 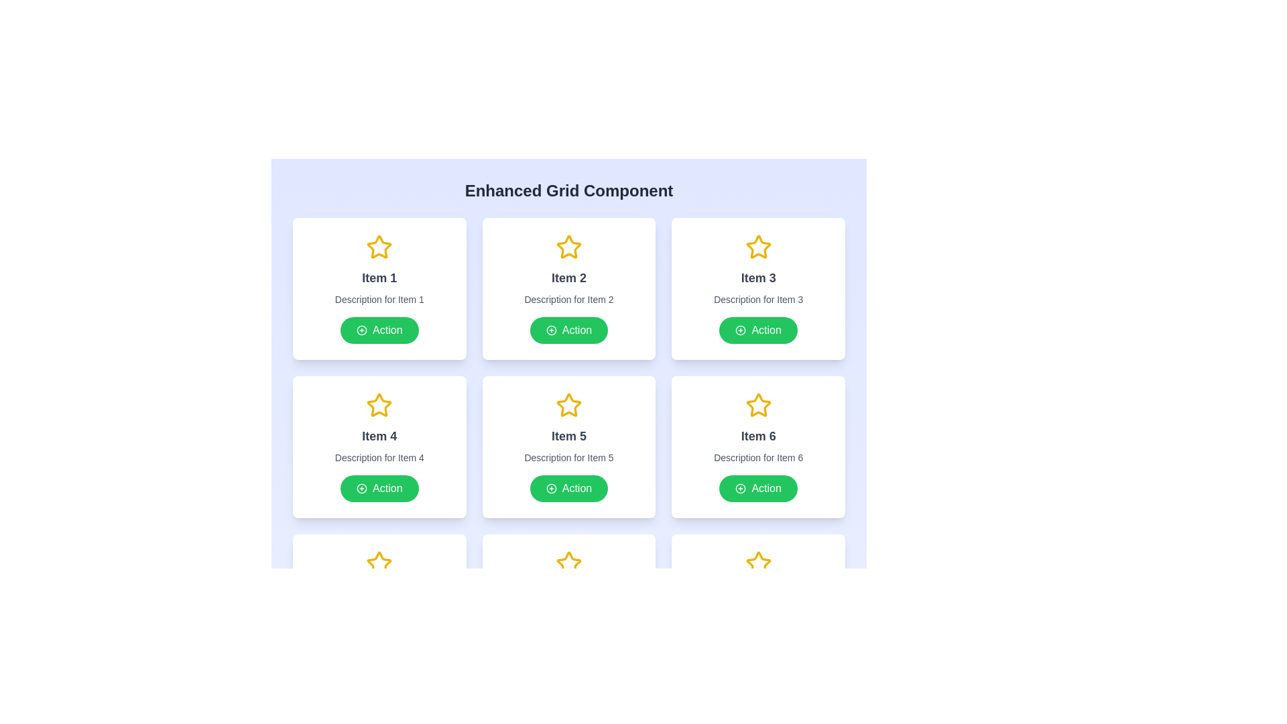 What do you see at coordinates (569, 436) in the screenshot?
I see `the Text Label that serves as a title within the card labeled 'Item 5', located in the second row and second column of the grid` at bounding box center [569, 436].